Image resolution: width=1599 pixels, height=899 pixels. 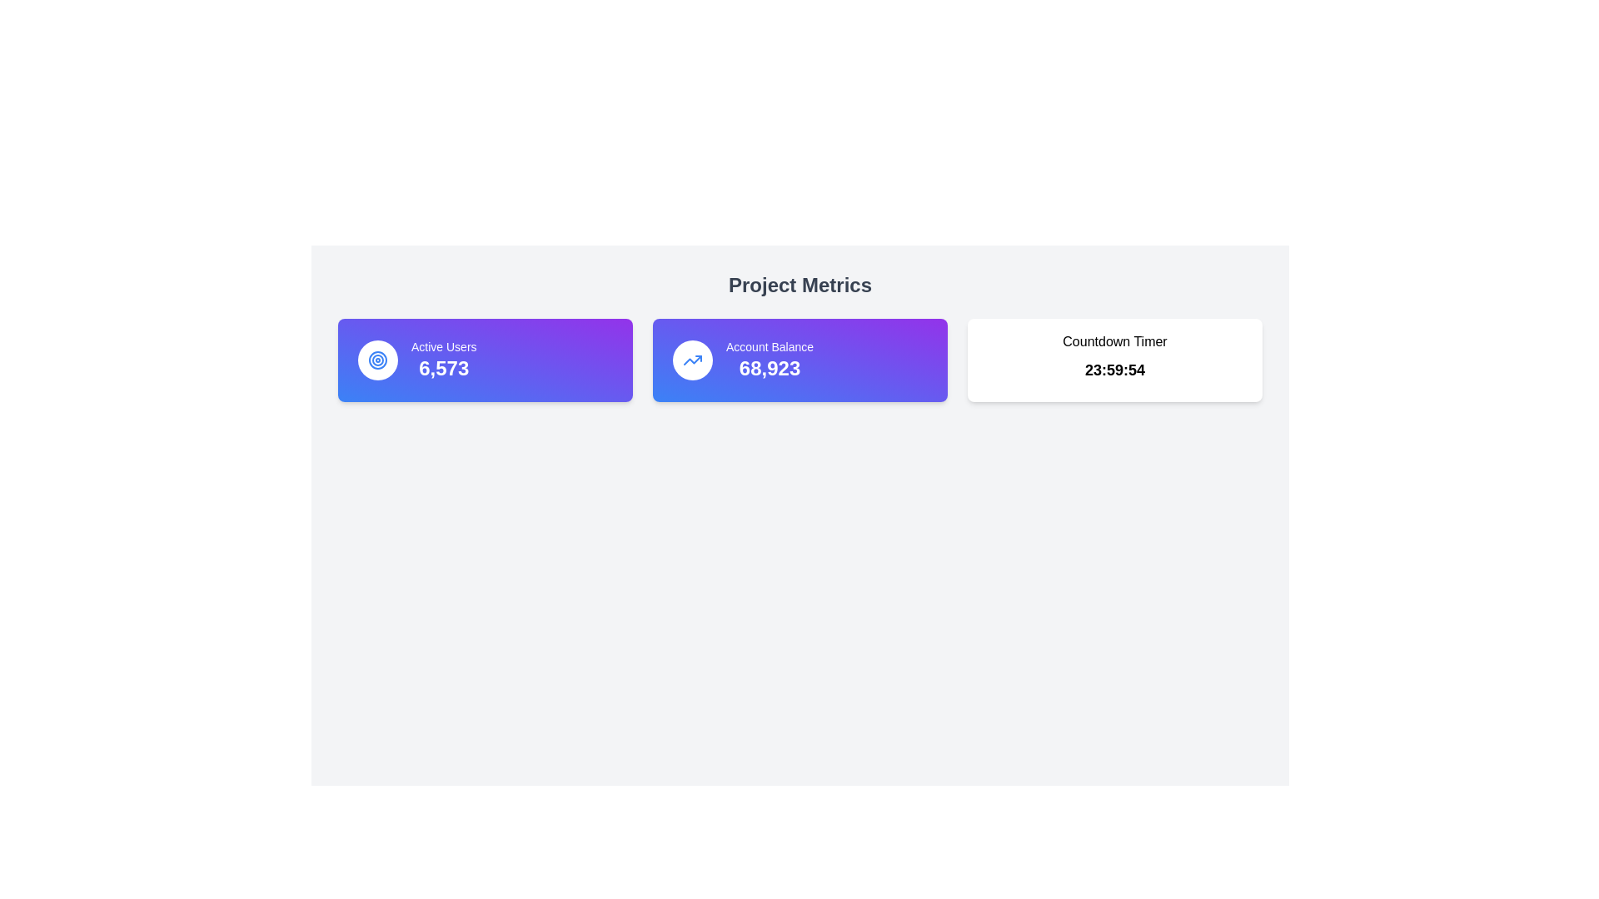 I want to click on the account balance icon located at the top-left corner of the 'Account Balance' card, so click(x=692, y=359).